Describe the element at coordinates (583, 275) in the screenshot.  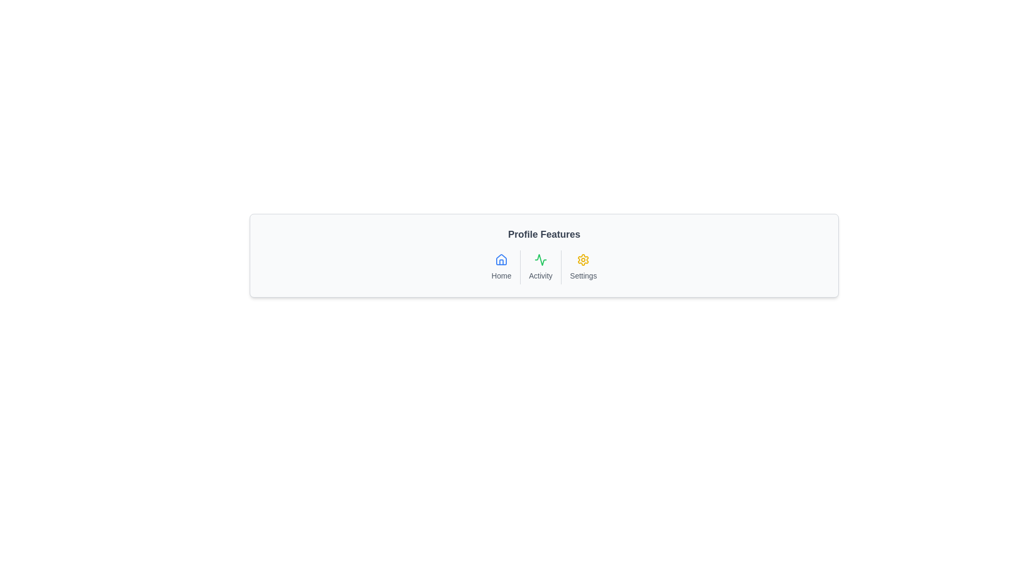
I see `the 'Settings' text label, which is styled with a small font size and gray color, located below a yellow gear icon in the lower part of the interface` at that location.